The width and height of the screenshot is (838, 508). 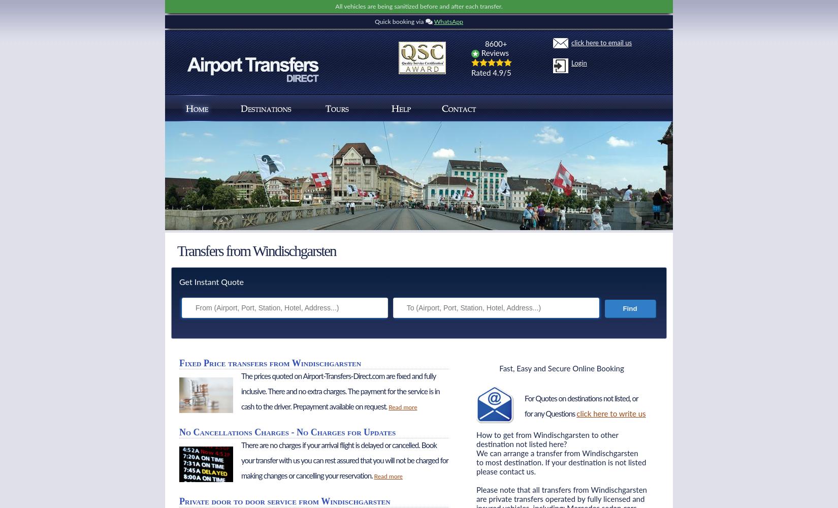 What do you see at coordinates (241, 461) in the screenshot?
I see `'There are no charges if your arrival flight is delayed or cancelled. Book your transfer with us you can rest assured that you will not be charged for making changes or cancelling your reservation.'` at bounding box center [241, 461].